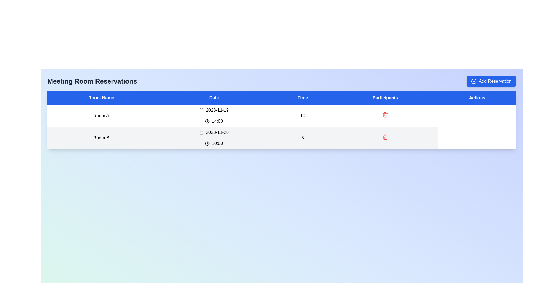  Describe the element at coordinates (201, 132) in the screenshot. I see `the calendar icon element, which is a small rectangle with rounded corners, white with a red border, located in the 'Date' column of the second row of the table adjacent to '2023-11-20'` at that location.